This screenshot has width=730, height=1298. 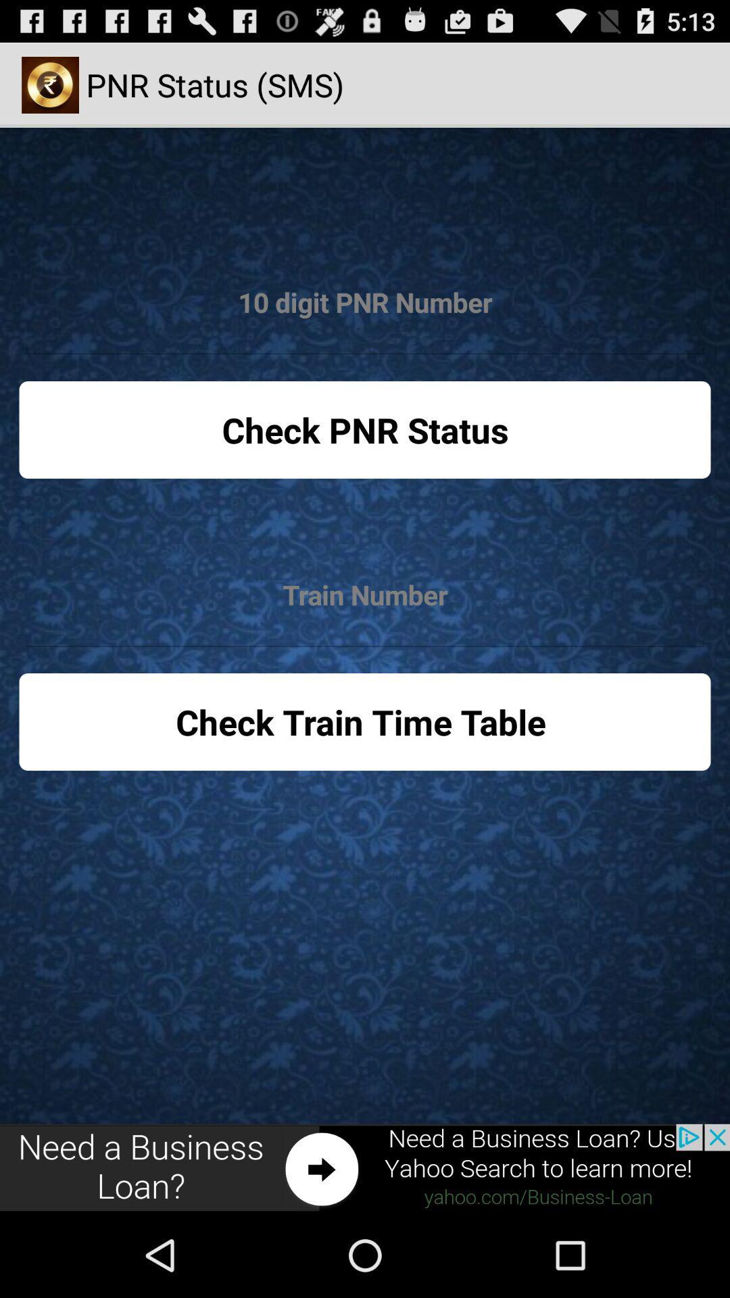 What do you see at coordinates (365, 302) in the screenshot?
I see `input text` at bounding box center [365, 302].